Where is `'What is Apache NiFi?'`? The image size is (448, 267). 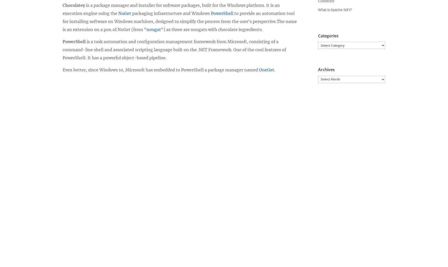 'What is Apache NiFi?' is located at coordinates (335, 10).